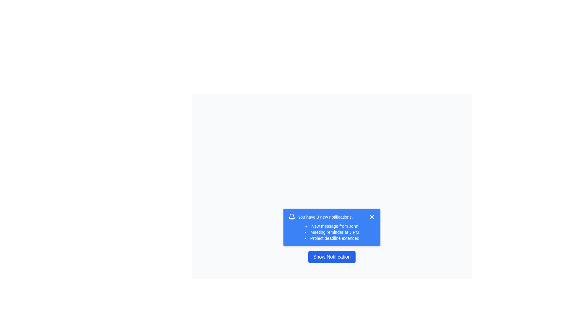  Describe the element at coordinates (331, 226) in the screenshot. I see `the first textual list item displaying 'New message from John' in the blue notification box` at that location.